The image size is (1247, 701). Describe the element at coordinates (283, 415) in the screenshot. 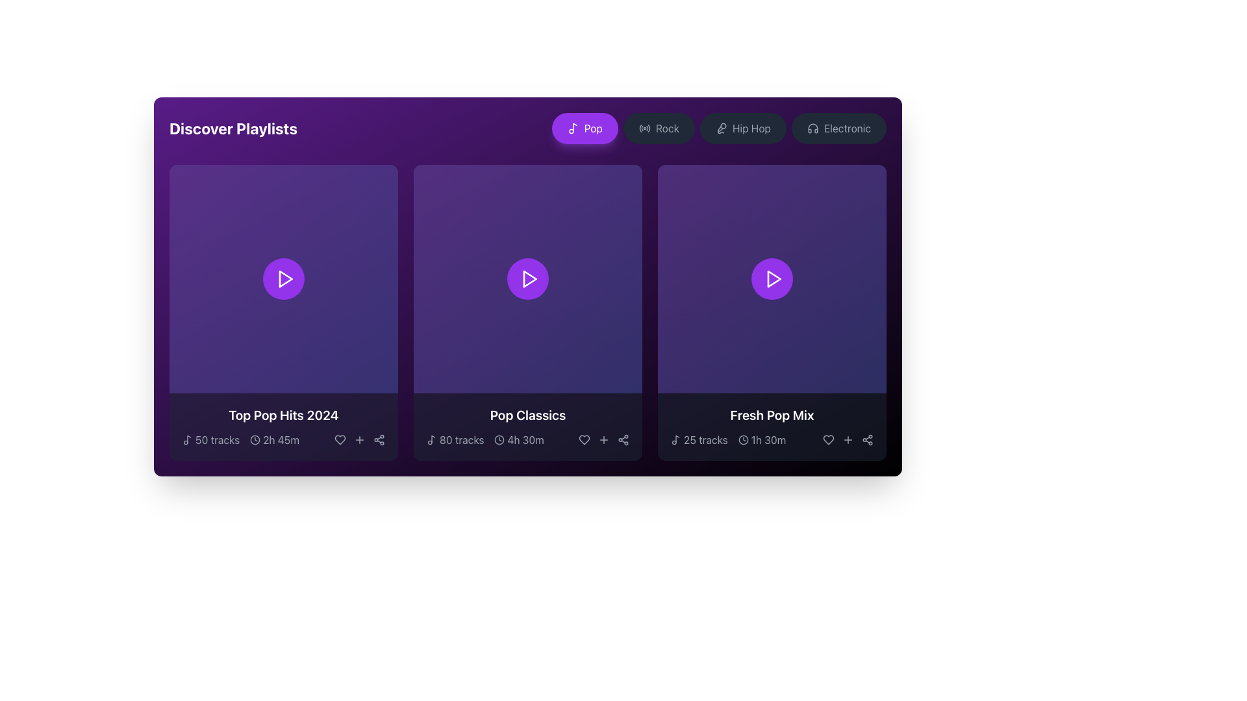

I see `text label identifying the playlist title located in the bottom section of the leftmost card in the 'Discover Playlists' interface, positioned above '50 tracks 2h 45m'` at that location.